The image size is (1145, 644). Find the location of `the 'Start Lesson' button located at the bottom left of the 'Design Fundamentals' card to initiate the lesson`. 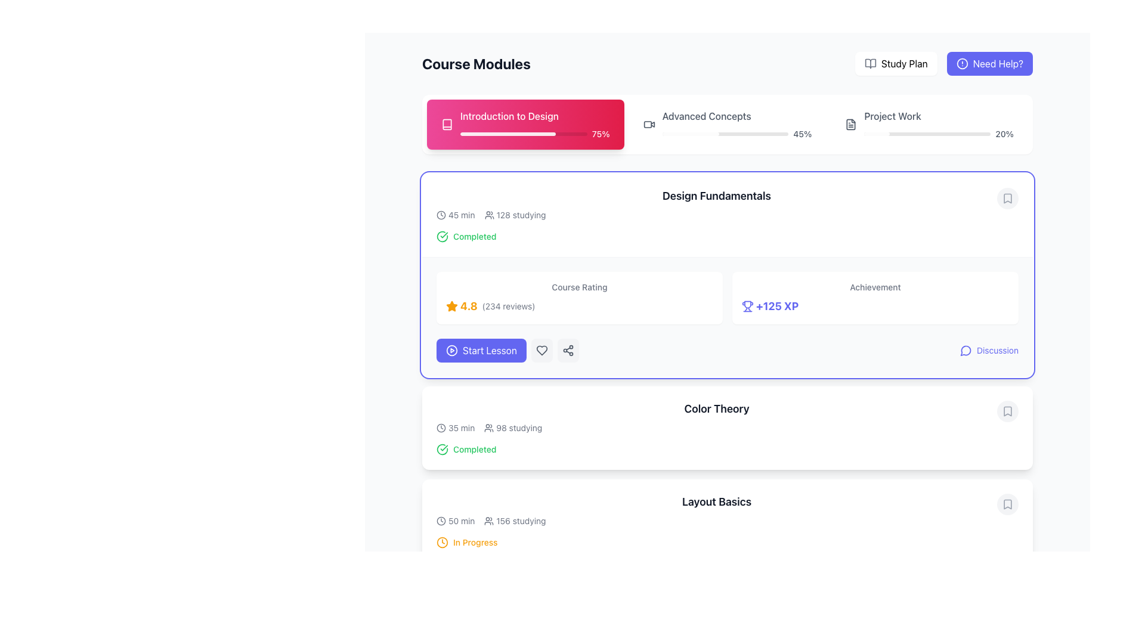

the 'Start Lesson' button located at the bottom left of the 'Design Fundamentals' card to initiate the lesson is located at coordinates (490, 349).